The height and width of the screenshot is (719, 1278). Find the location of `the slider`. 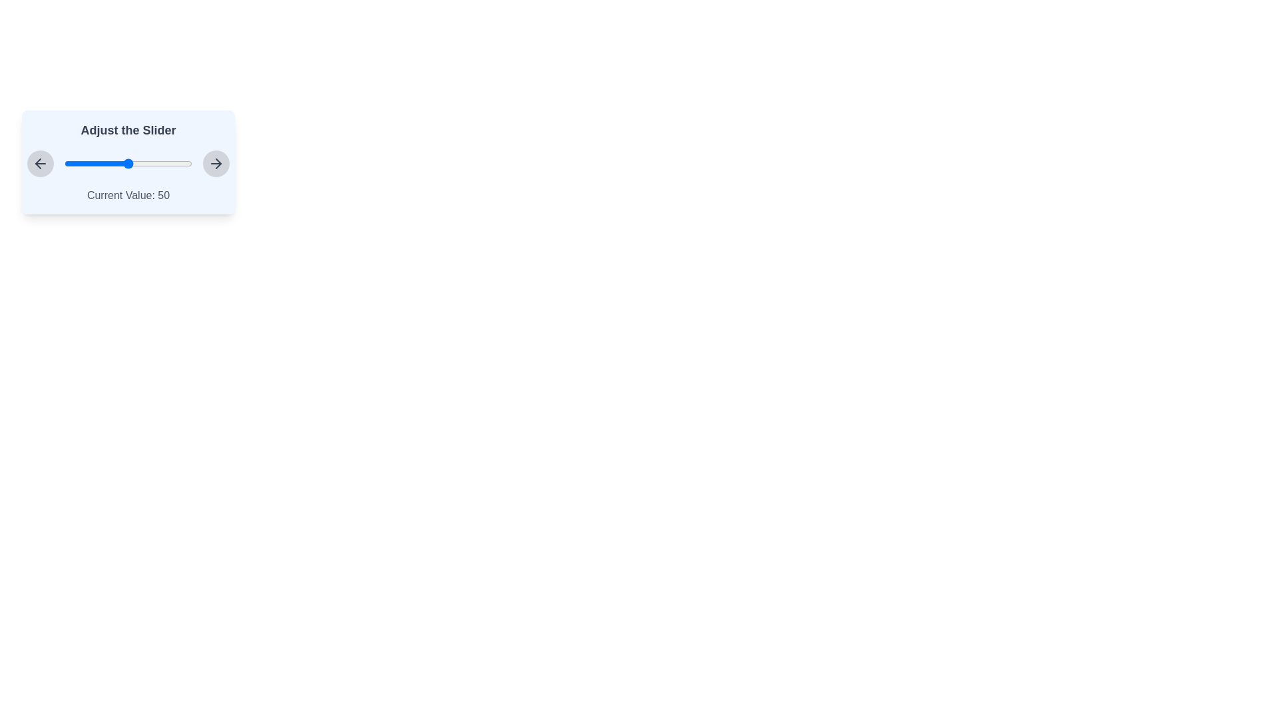

the slider is located at coordinates (118, 163).